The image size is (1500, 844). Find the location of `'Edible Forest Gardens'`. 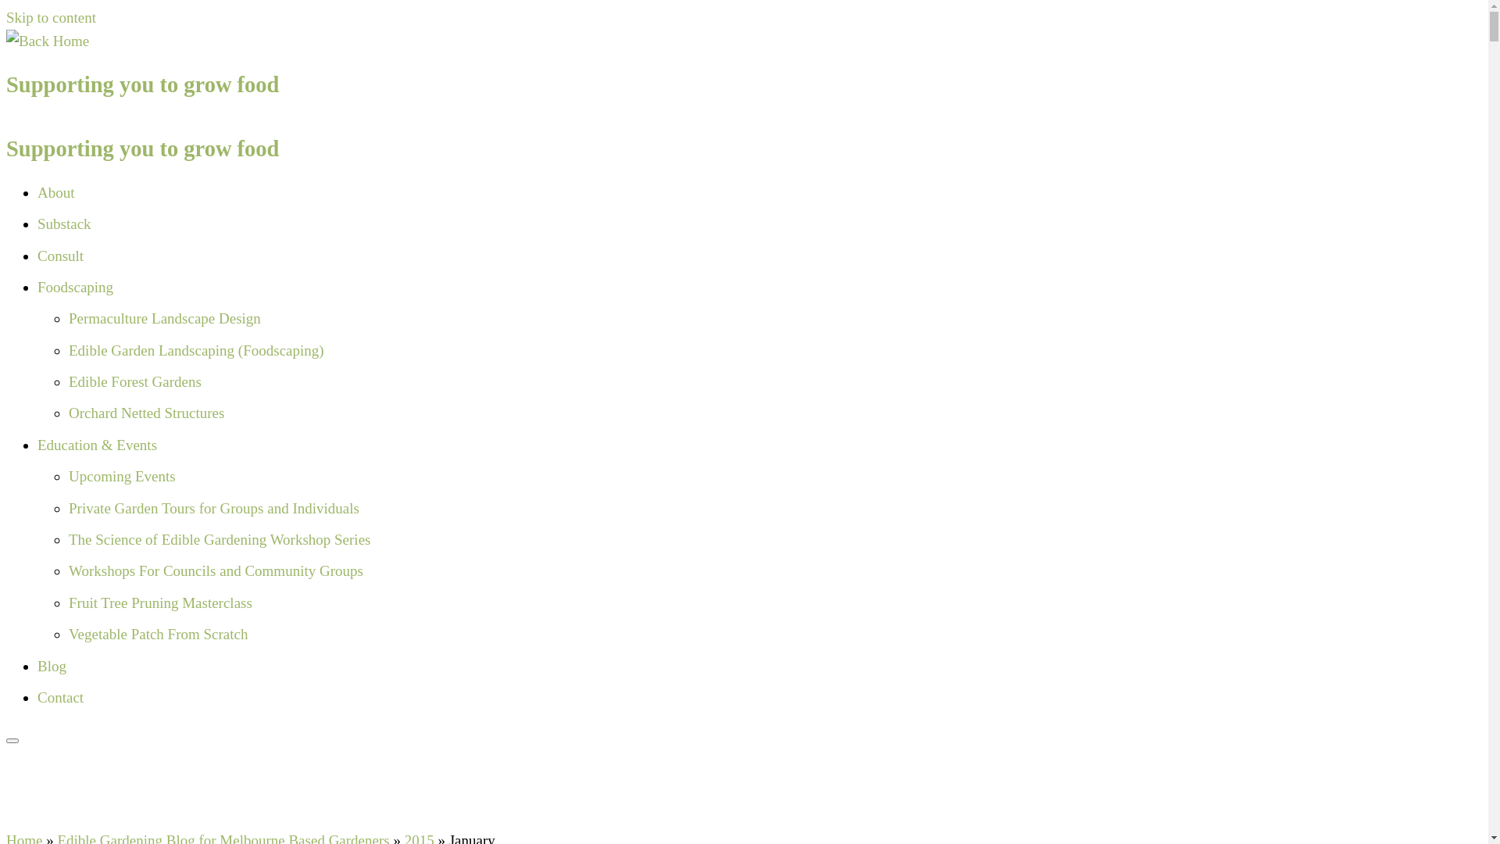

'Edible Forest Gardens' is located at coordinates (134, 381).